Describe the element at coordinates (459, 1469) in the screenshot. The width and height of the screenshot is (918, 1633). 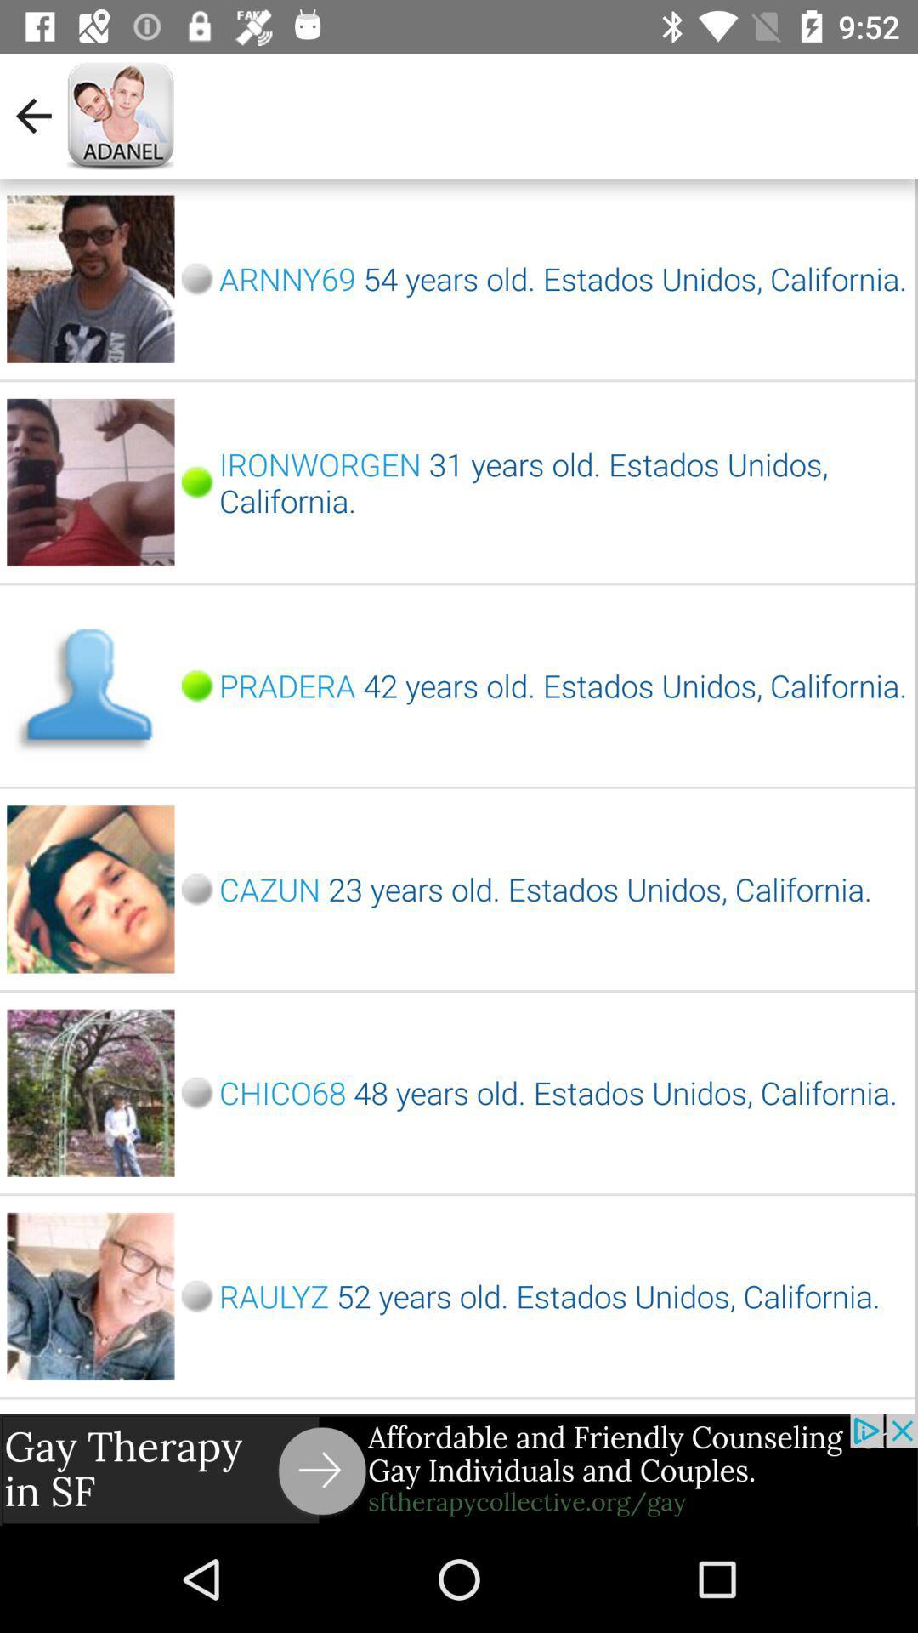
I see `google advertisements` at that location.